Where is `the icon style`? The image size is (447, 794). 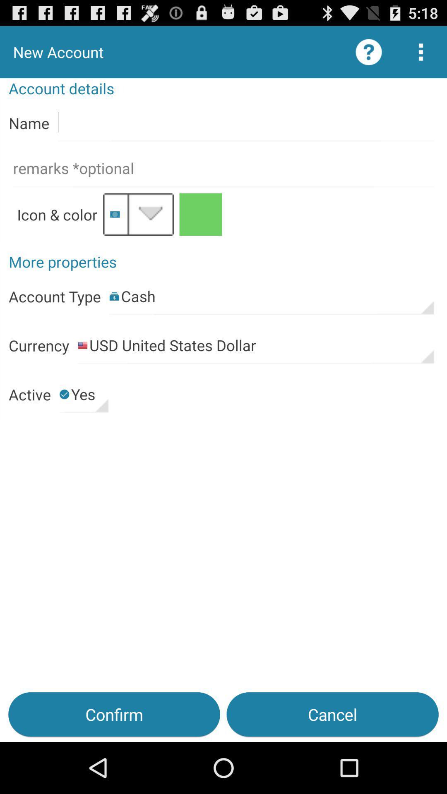
the icon style is located at coordinates (138, 214).